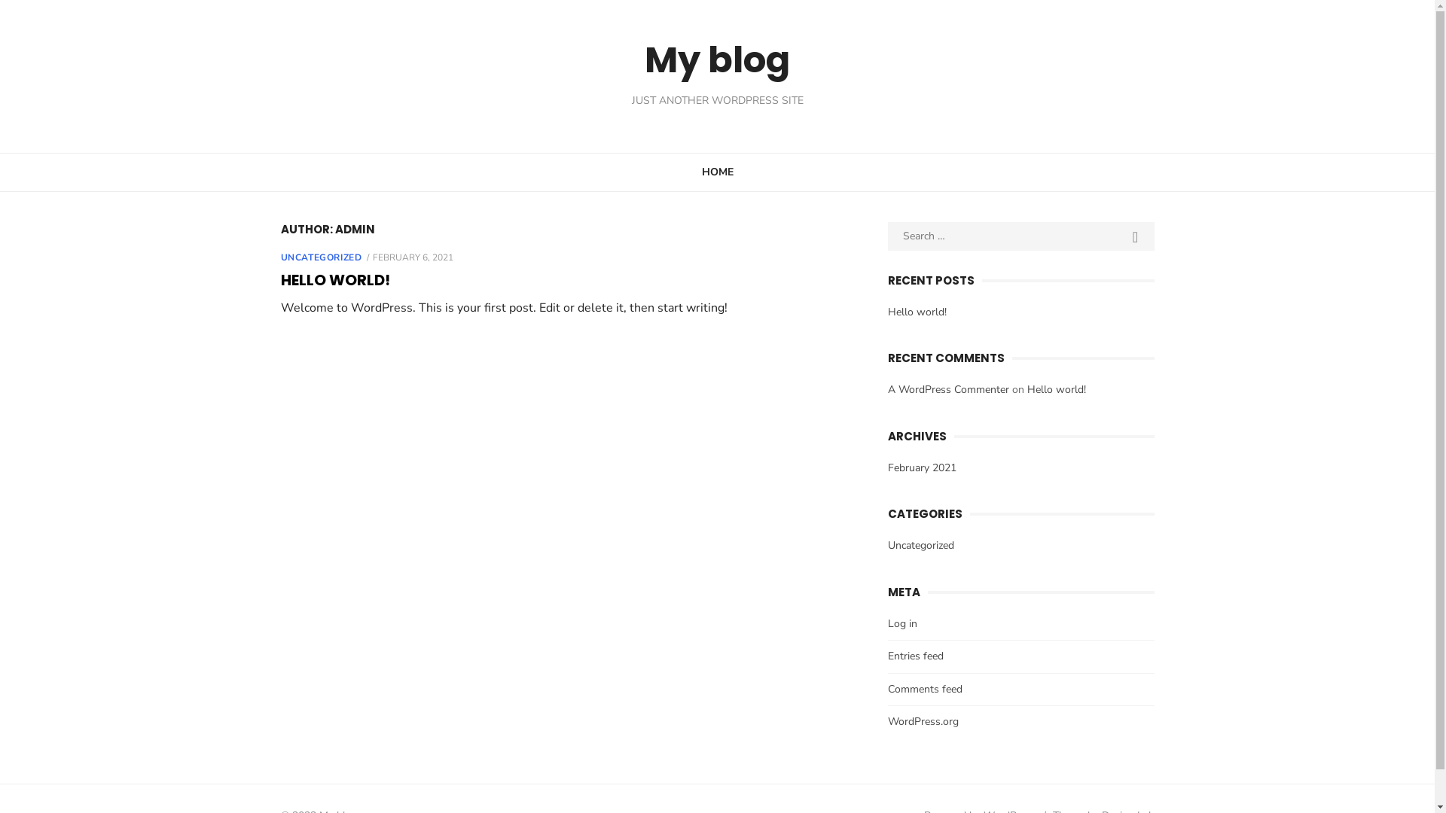  I want to click on 'UNCATEGORIZED', so click(320, 257).